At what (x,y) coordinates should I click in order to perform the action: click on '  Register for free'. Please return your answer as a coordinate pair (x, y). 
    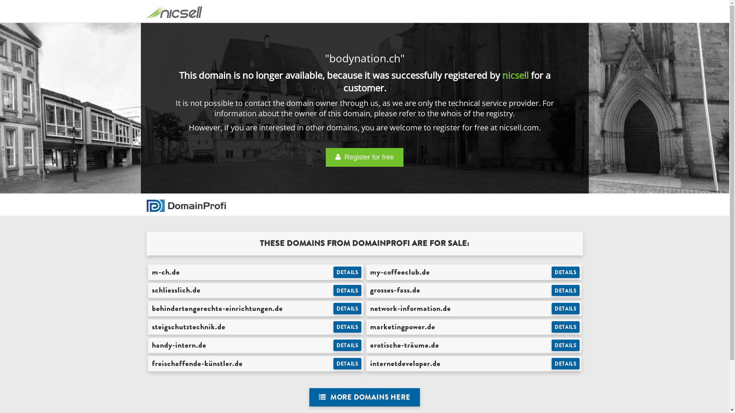
    Looking at the image, I should click on (364, 157).